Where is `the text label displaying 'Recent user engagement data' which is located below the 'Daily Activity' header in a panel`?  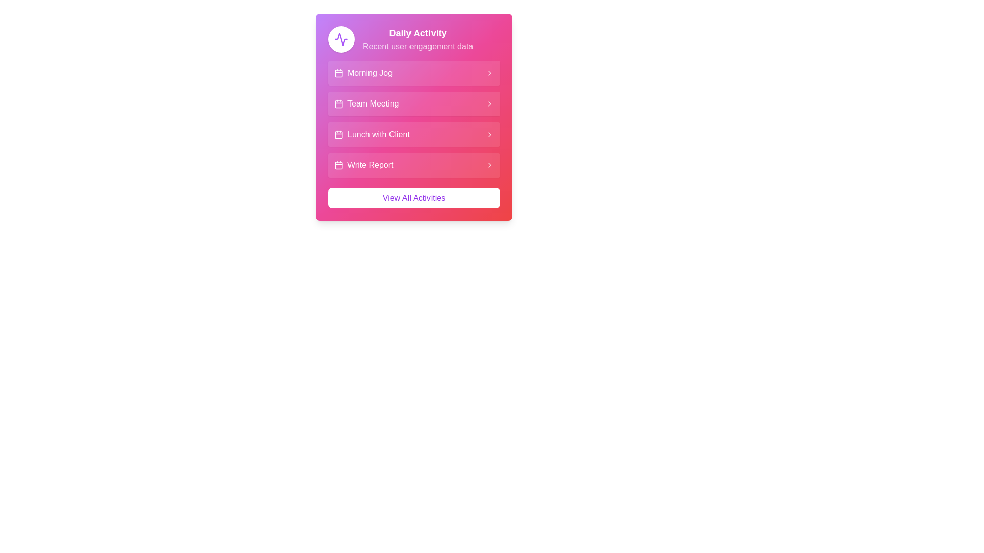
the text label displaying 'Recent user engagement data' which is located below the 'Daily Activity' header in a panel is located at coordinates (418, 47).